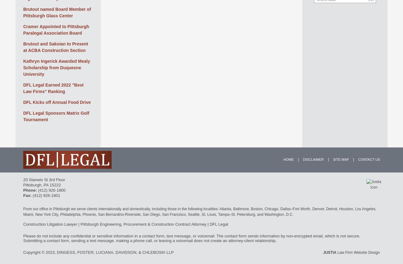 Image resolution: width=403 pixels, height=264 pixels. Describe the element at coordinates (41, 185) in the screenshot. I see `','` at that location.